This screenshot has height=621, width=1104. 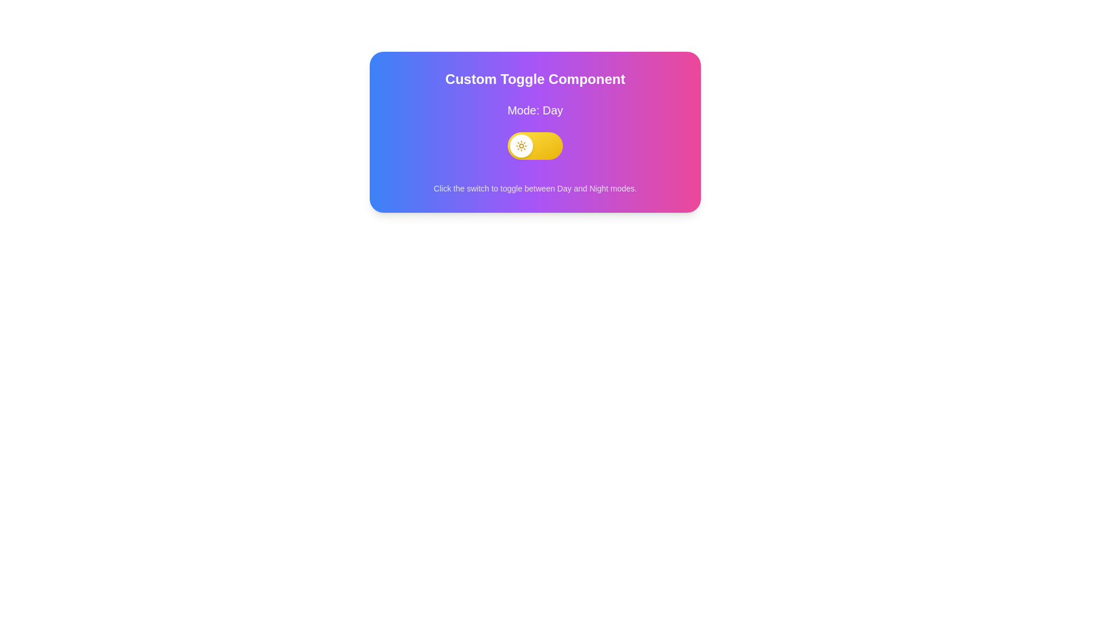 What do you see at coordinates (521, 145) in the screenshot?
I see `the 'day' mode icon, which is part of a toggle switch mechanism located below the text 'Mode: Day' within a card-like interface` at bounding box center [521, 145].